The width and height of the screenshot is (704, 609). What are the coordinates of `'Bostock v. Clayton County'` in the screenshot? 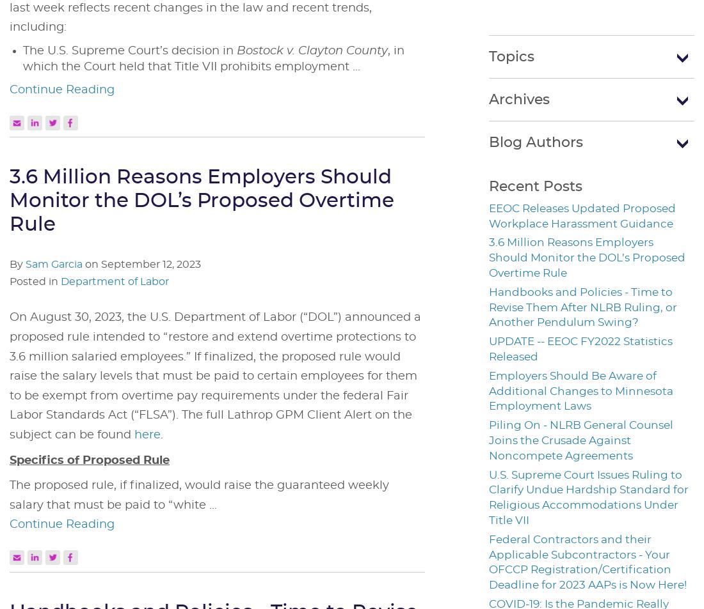 It's located at (312, 50).